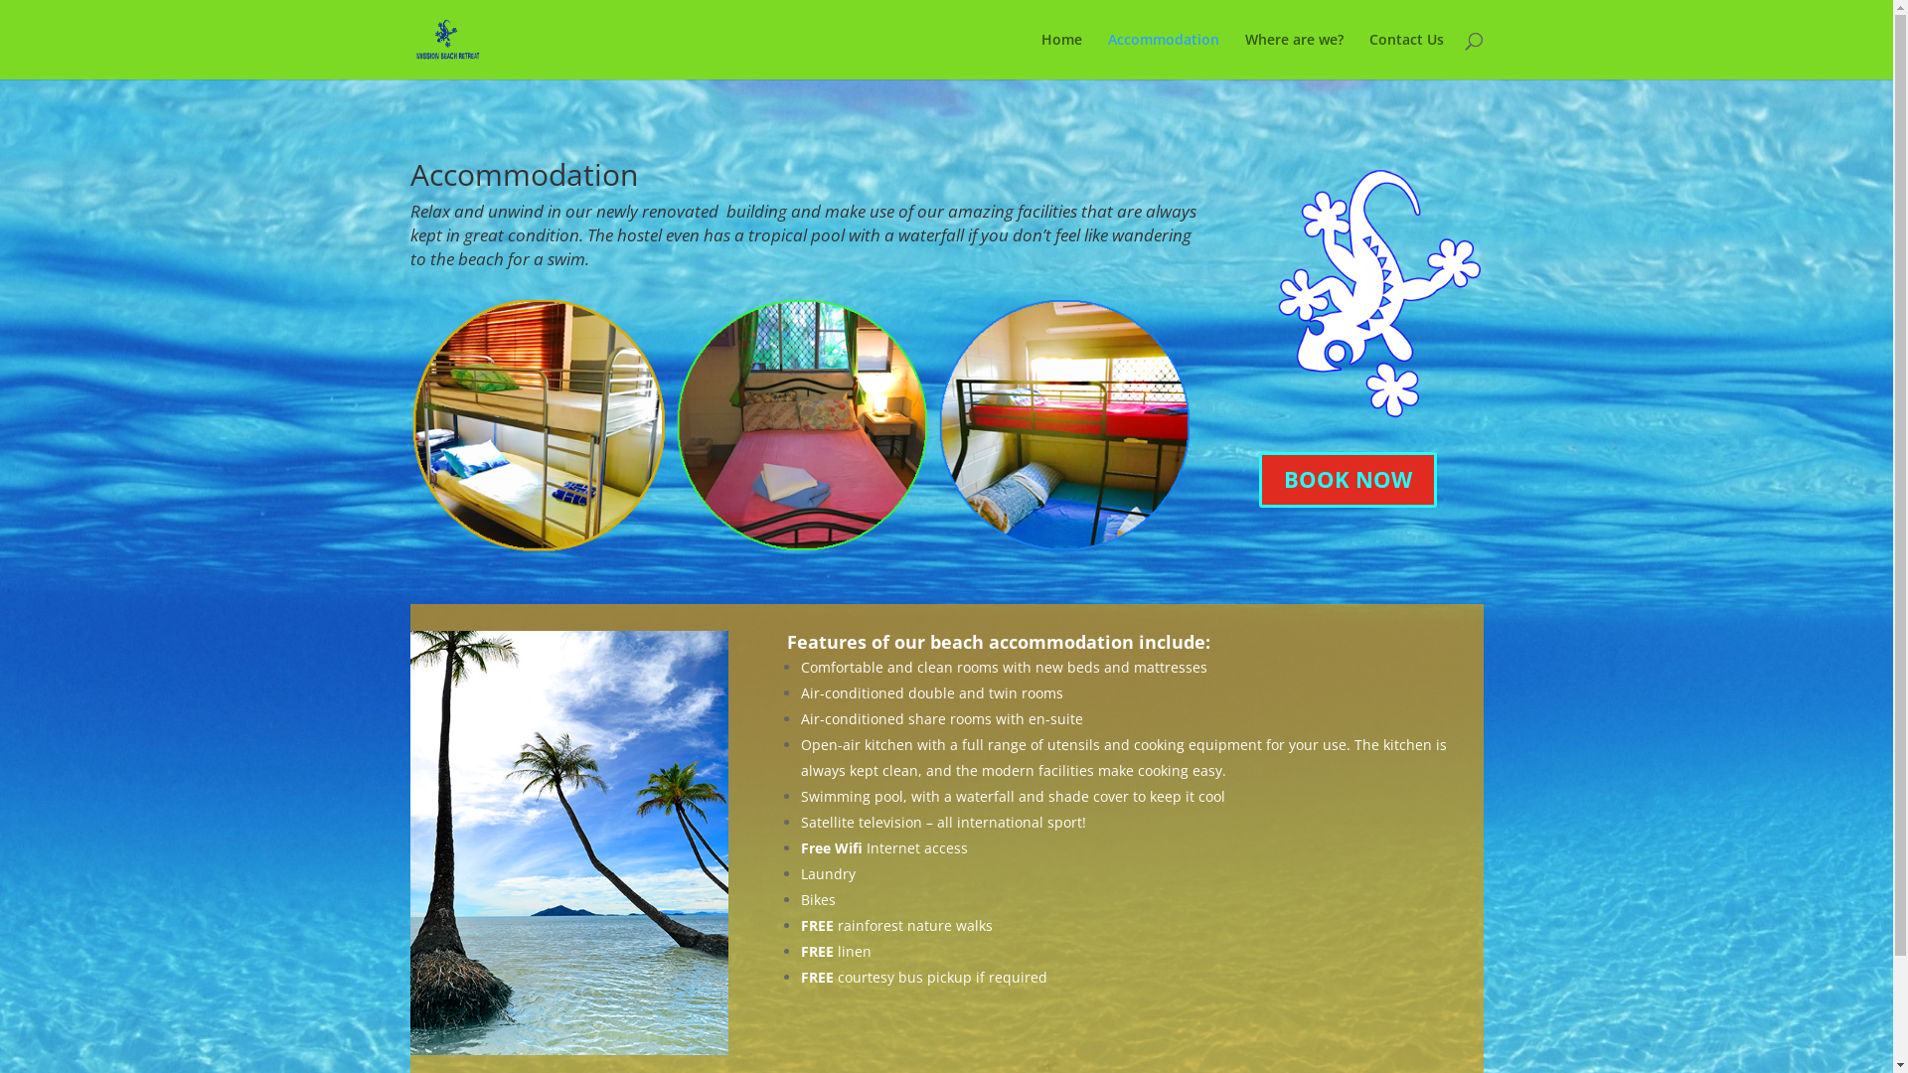  I want to click on 'Where are we?', so click(1293, 55).